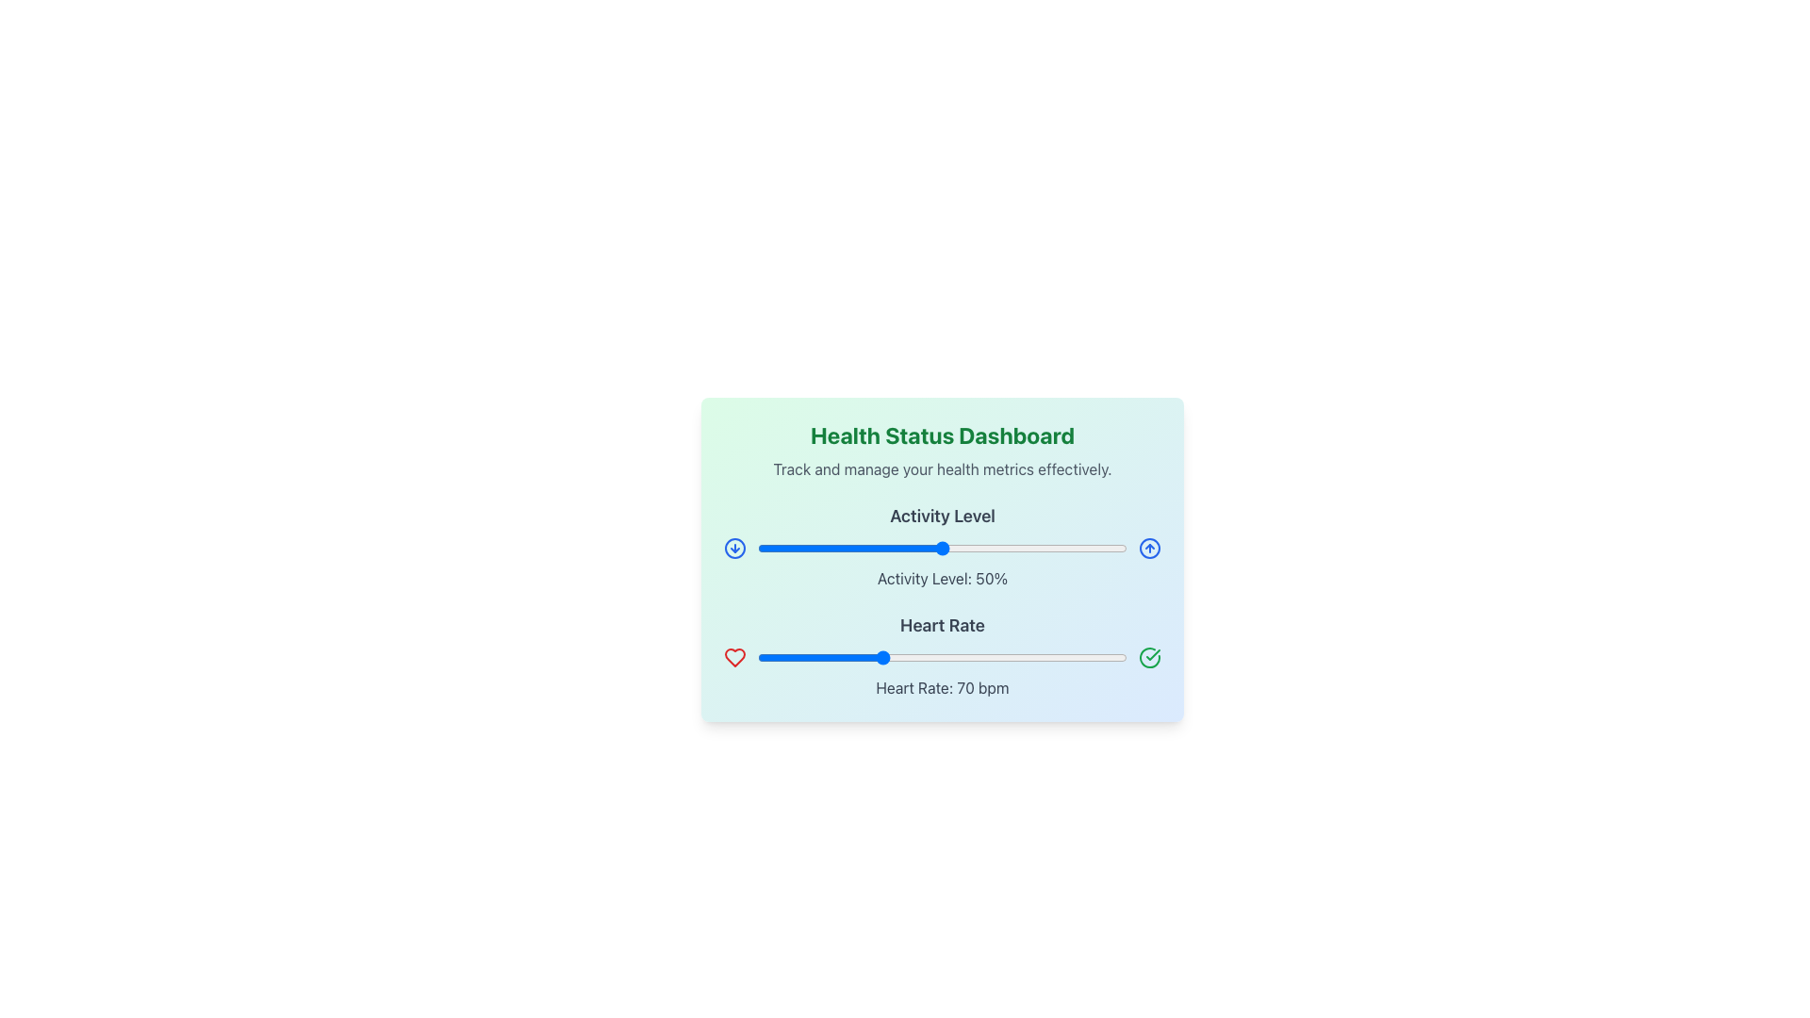 The image size is (1810, 1018). Describe the element at coordinates (942, 577) in the screenshot. I see `the Static text label displaying 'Activity Level: 50%' located below the 'Activity Level' slider` at that location.